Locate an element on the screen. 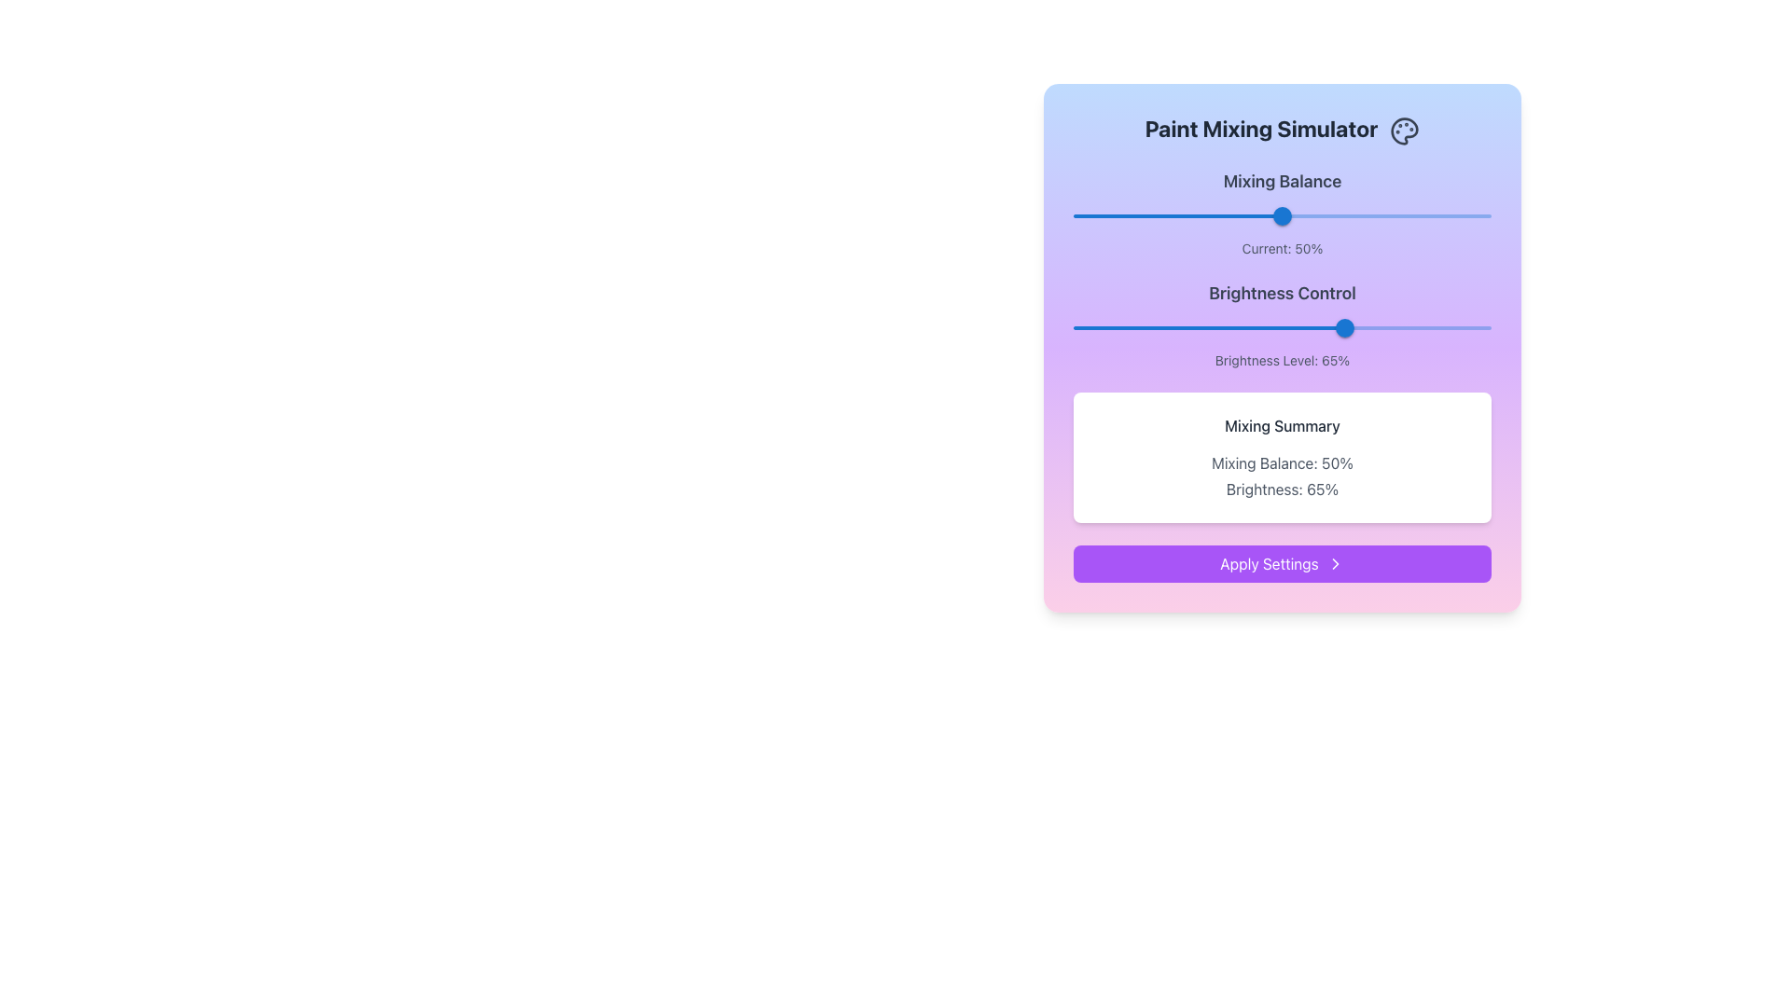  the paint mixing icon located at the top right of the 'Paint Mixing Simulator' text, which represents the application's purpose for artistic activities is located at coordinates (1405, 130).